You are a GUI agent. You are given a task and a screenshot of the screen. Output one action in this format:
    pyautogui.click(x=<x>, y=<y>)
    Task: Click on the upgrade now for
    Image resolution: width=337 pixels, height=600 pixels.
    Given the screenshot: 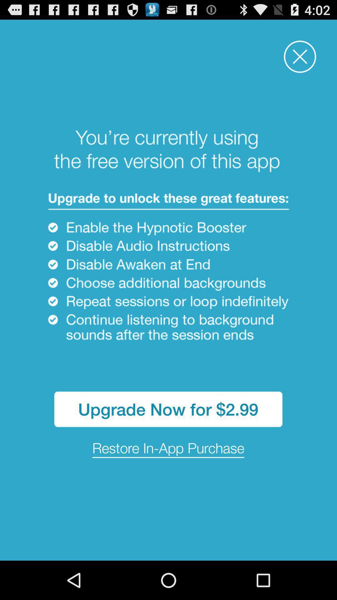 What is the action you would take?
    pyautogui.click(x=168, y=409)
    